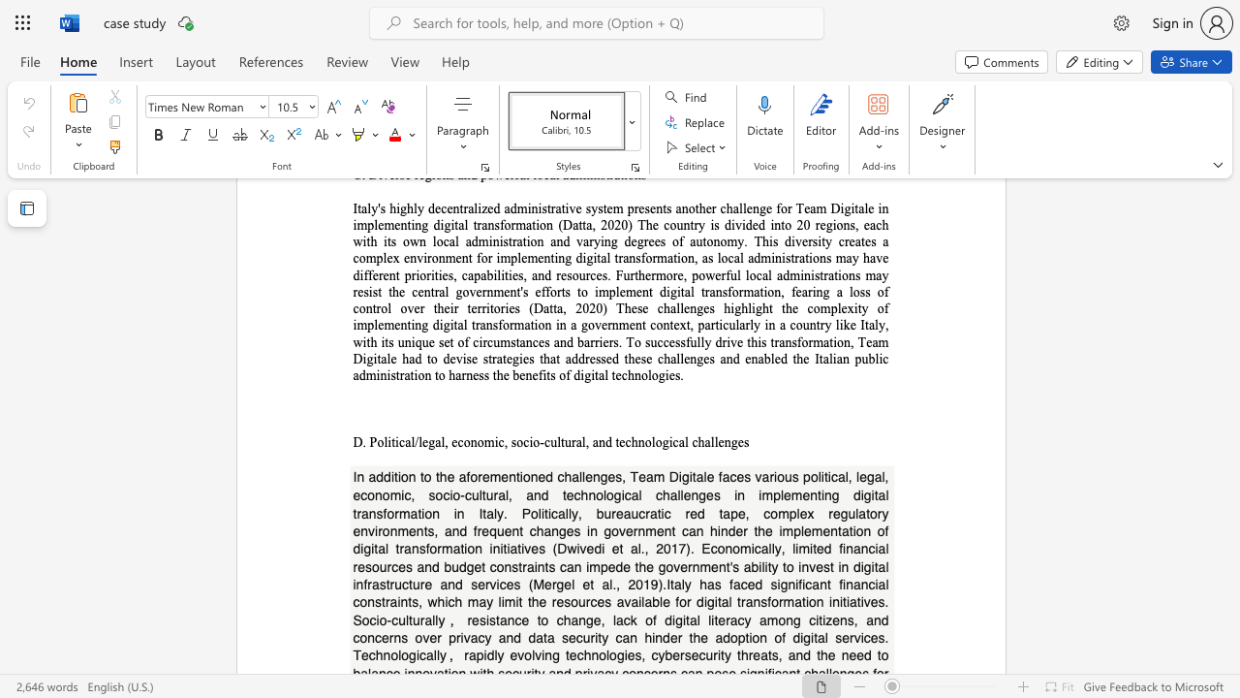 Image resolution: width=1240 pixels, height=698 pixels. I want to click on the 7th character "l" in the text, so click(437, 654).